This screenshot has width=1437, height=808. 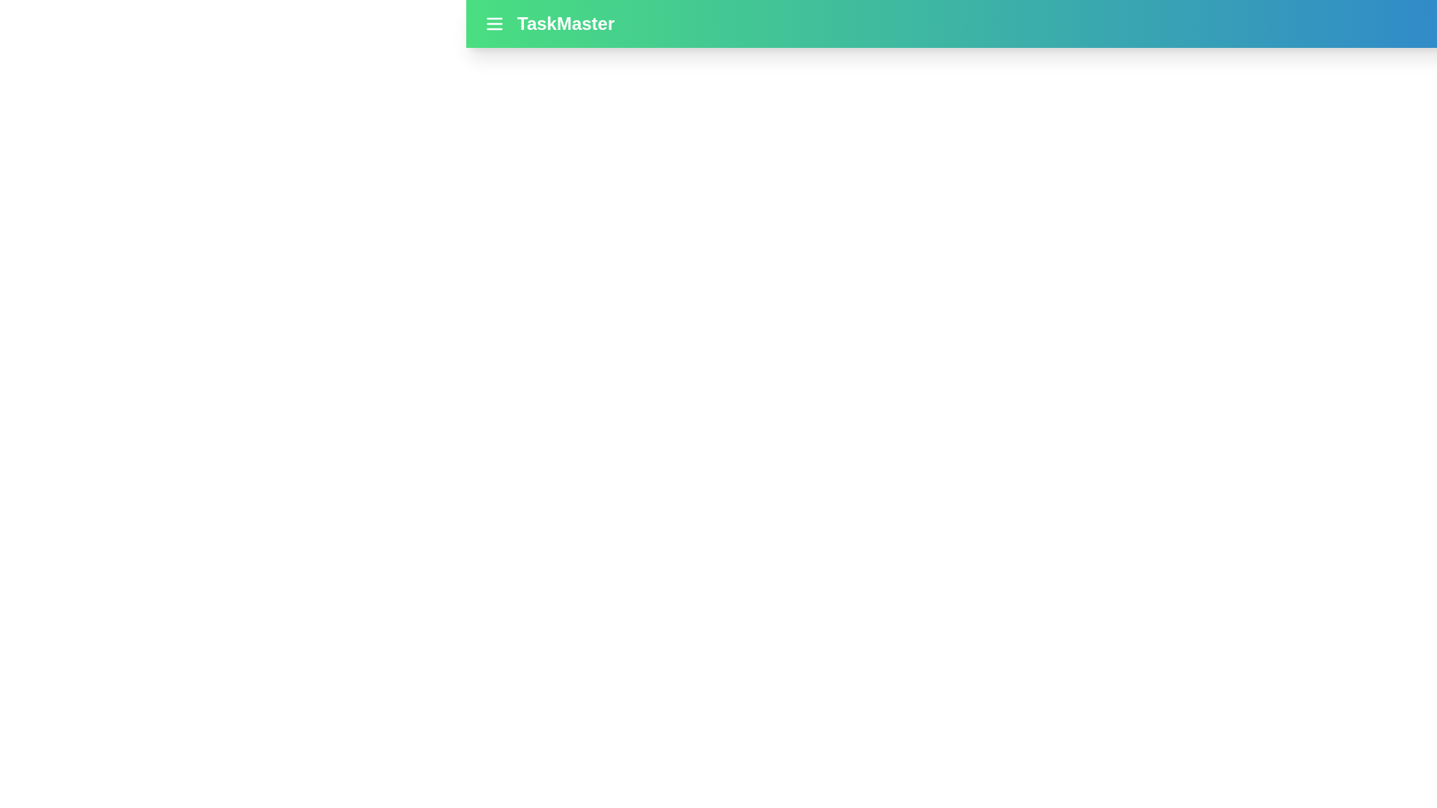 I want to click on the menu icon to open the menu, so click(x=495, y=23).